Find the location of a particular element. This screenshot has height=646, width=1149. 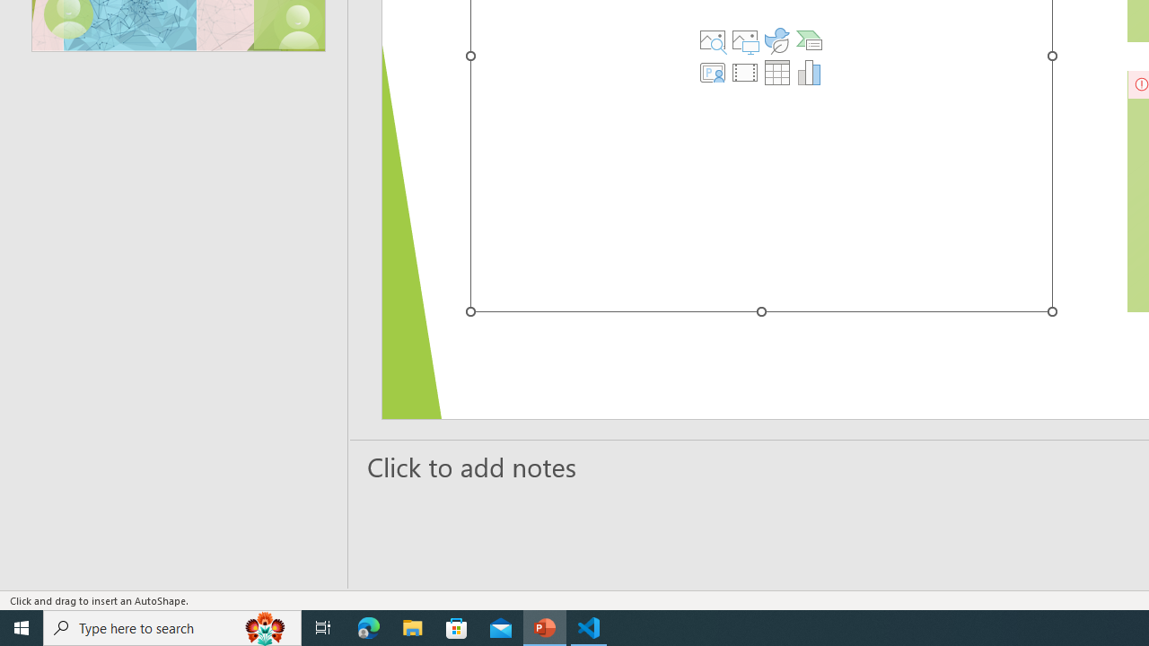

'Pictures' is located at coordinates (745, 40).